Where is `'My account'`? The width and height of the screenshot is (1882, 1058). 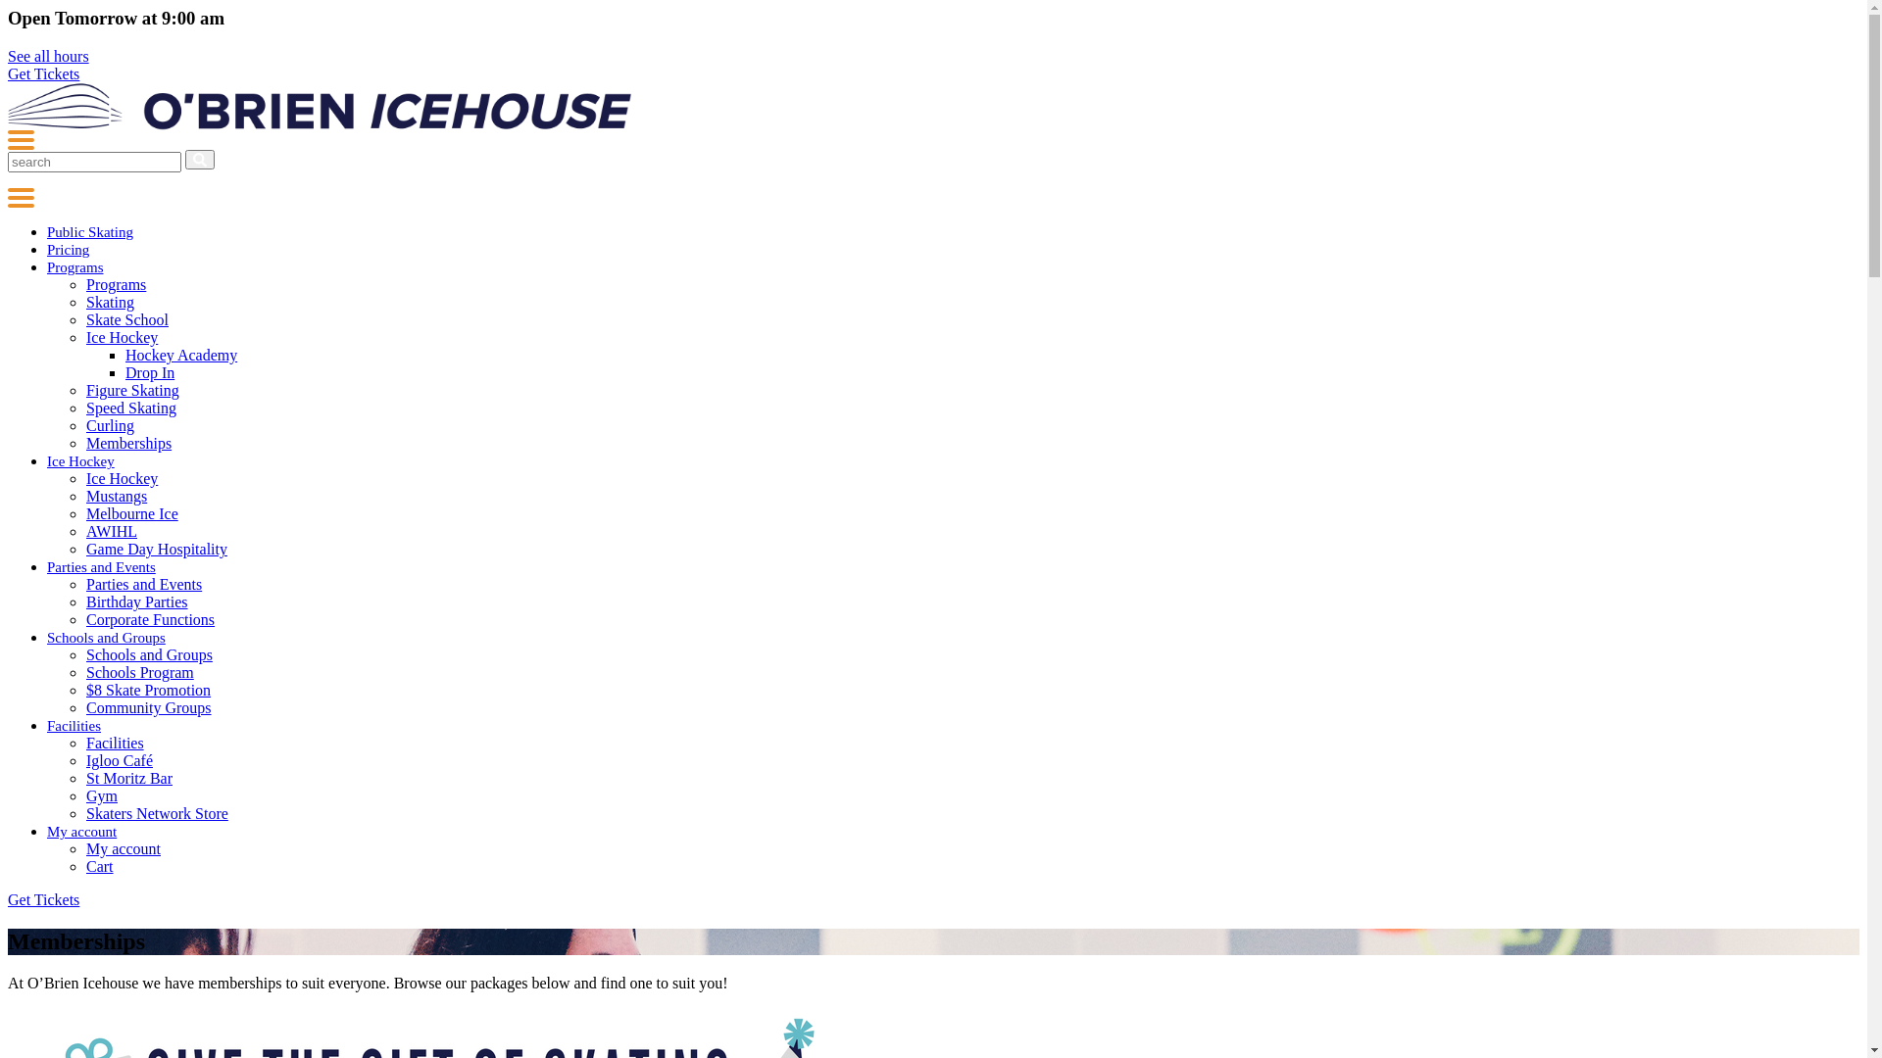
'My account' is located at coordinates (122, 847).